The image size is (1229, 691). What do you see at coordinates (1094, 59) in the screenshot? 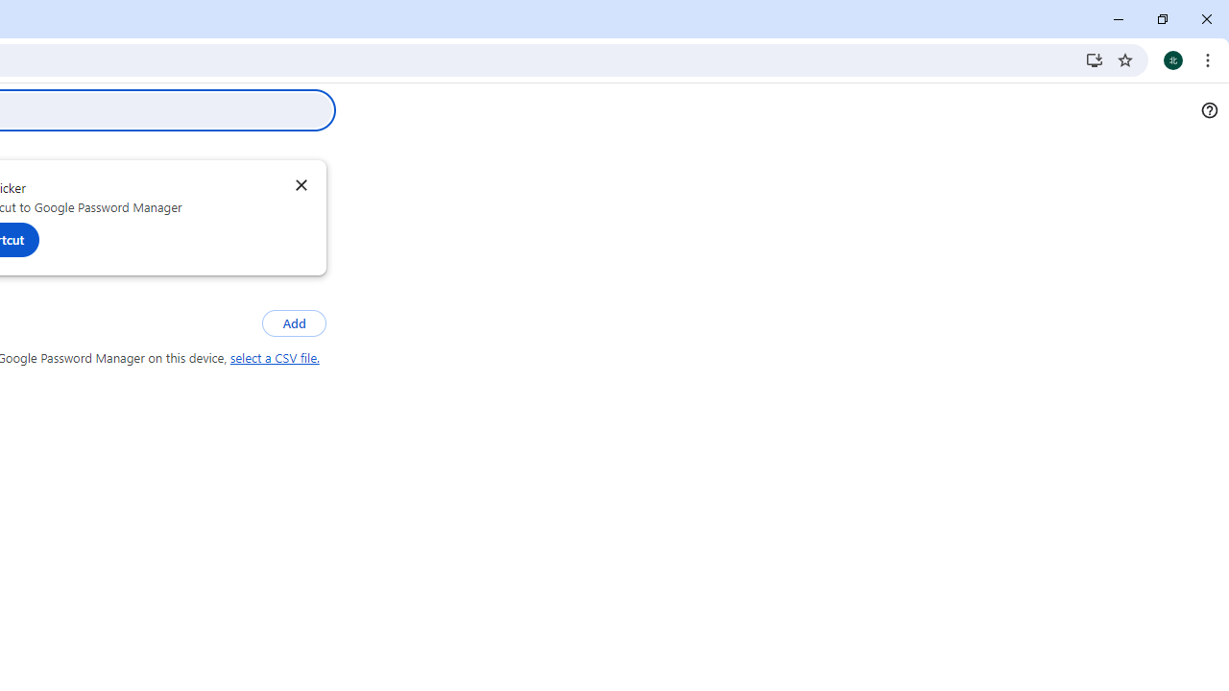
I see `'Install Google Password Manager'` at bounding box center [1094, 59].